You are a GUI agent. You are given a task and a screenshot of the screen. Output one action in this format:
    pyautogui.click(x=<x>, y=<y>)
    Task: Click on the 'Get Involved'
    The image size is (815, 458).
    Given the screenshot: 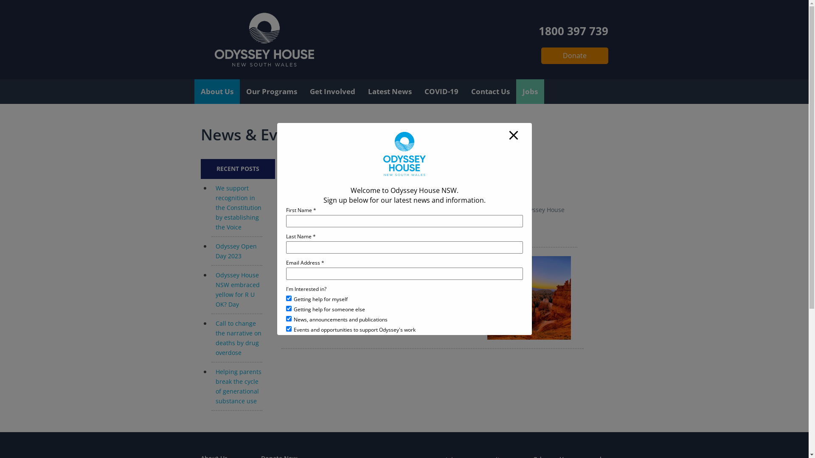 What is the action you would take?
    pyautogui.click(x=332, y=92)
    